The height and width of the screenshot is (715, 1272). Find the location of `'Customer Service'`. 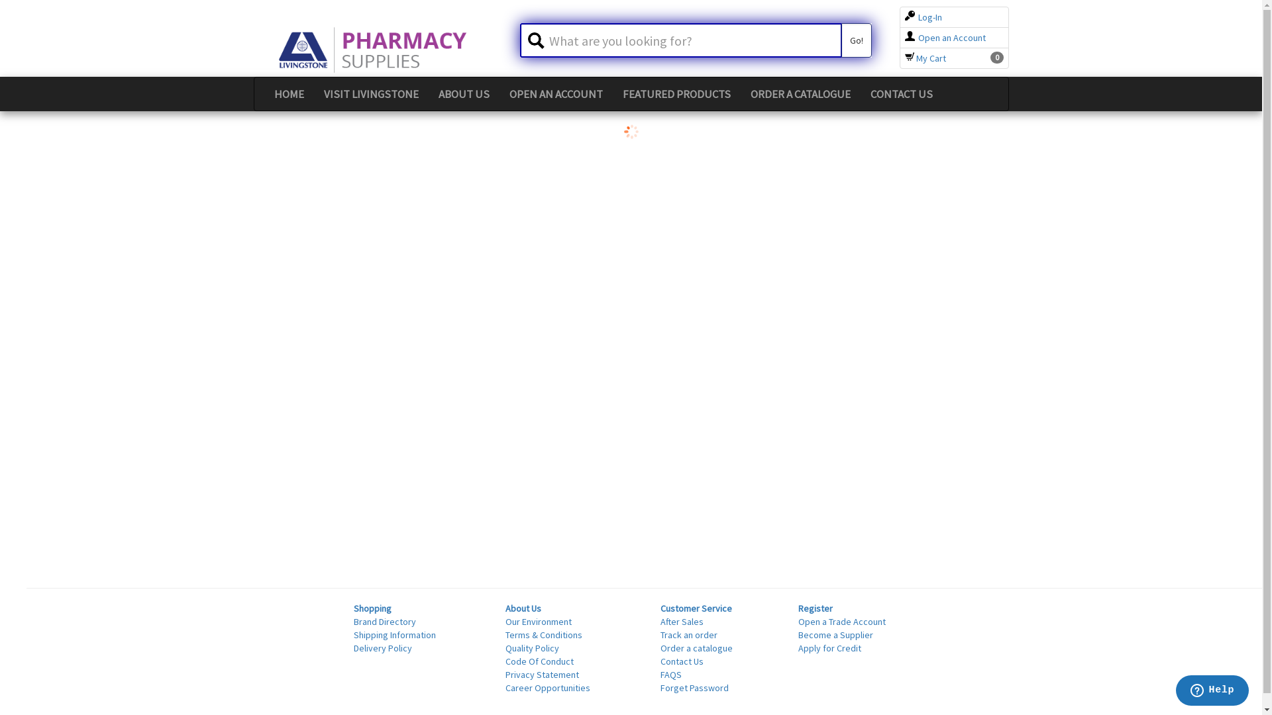

'Customer Service' is located at coordinates (696, 608).